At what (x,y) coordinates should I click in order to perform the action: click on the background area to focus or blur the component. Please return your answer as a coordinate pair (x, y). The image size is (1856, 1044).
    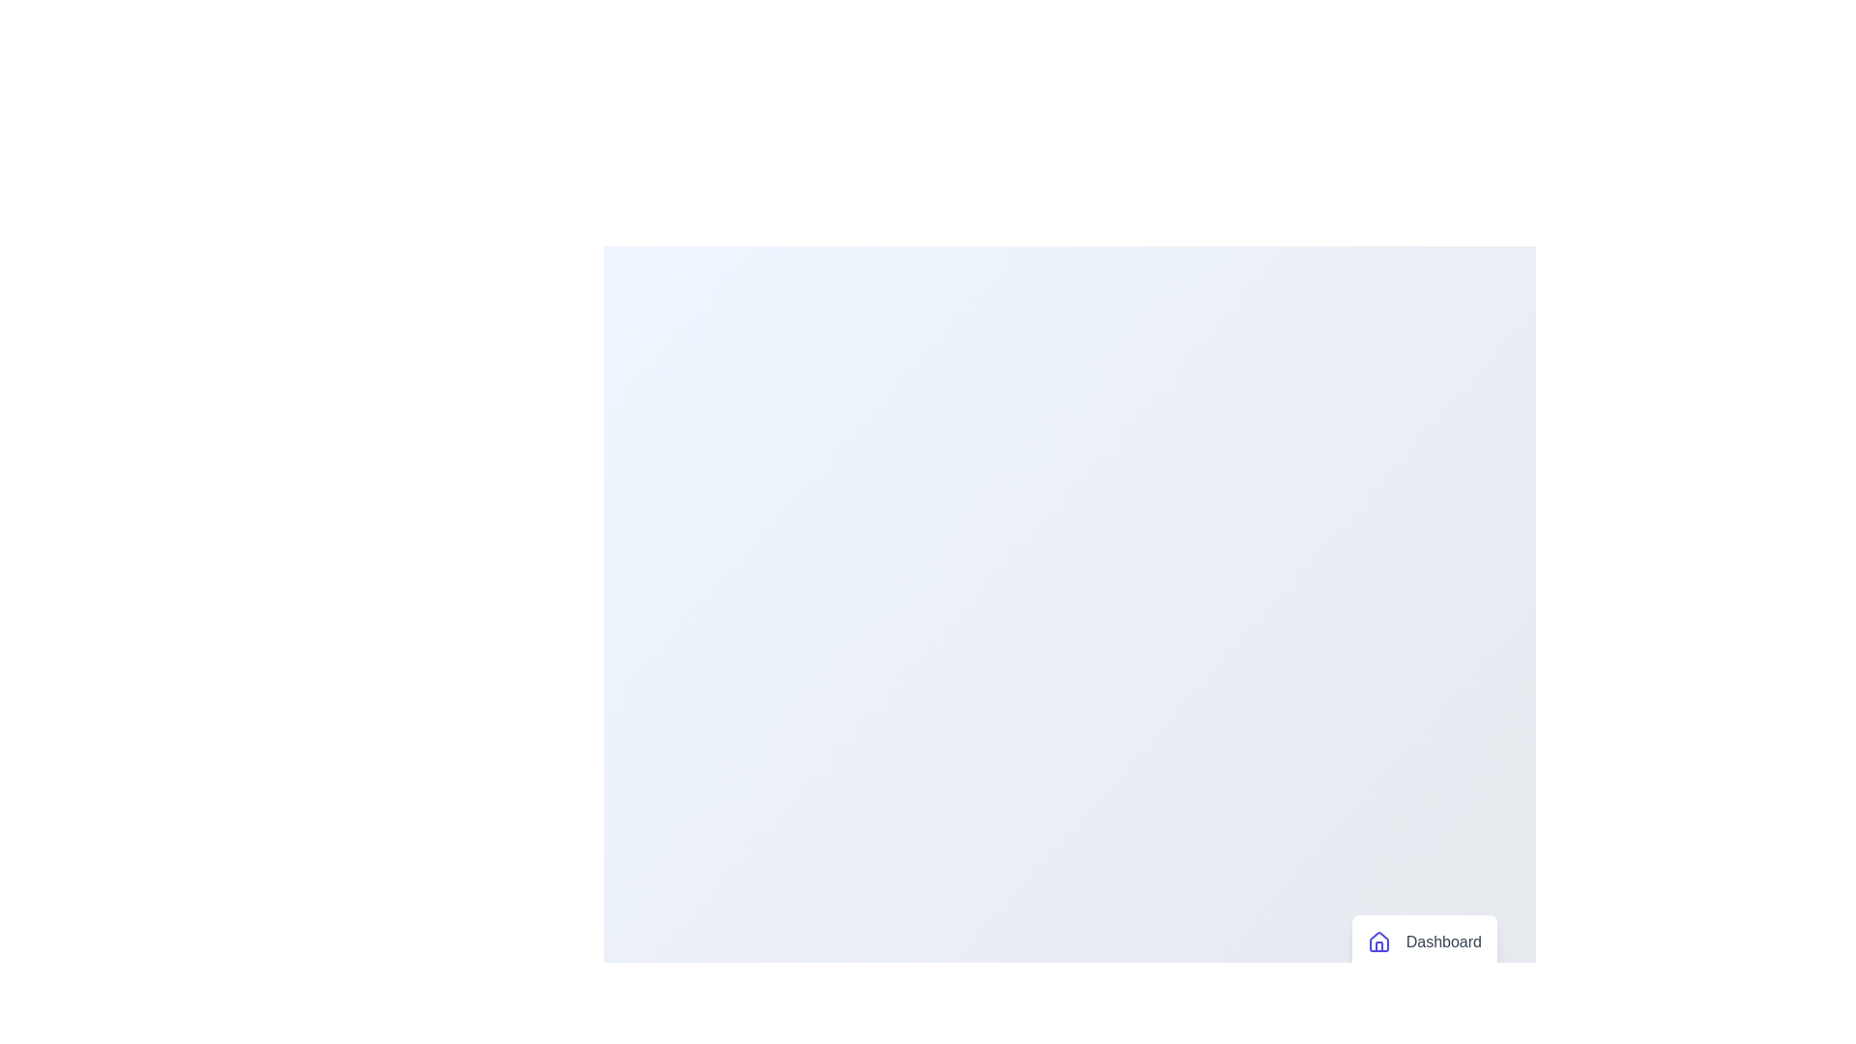
    Looking at the image, I should click on (773, 290).